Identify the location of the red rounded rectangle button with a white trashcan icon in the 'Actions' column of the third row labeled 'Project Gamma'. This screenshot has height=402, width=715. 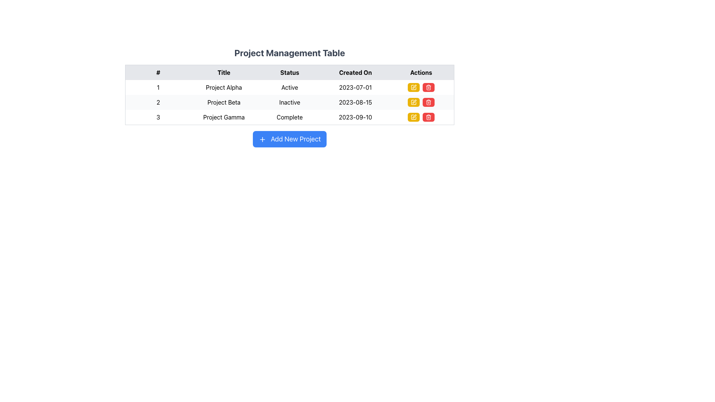
(428, 117).